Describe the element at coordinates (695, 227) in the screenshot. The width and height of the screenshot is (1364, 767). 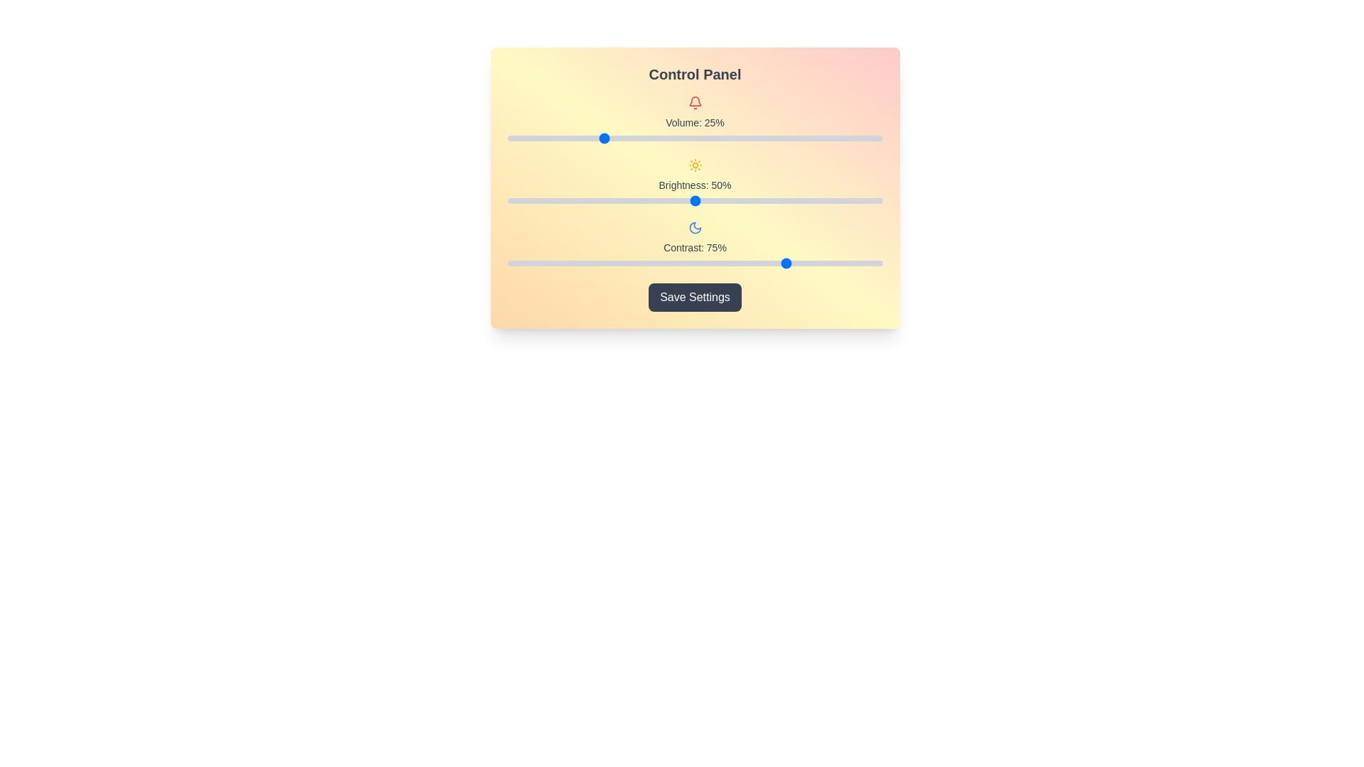
I see `the blue crescent moon icon located` at that location.